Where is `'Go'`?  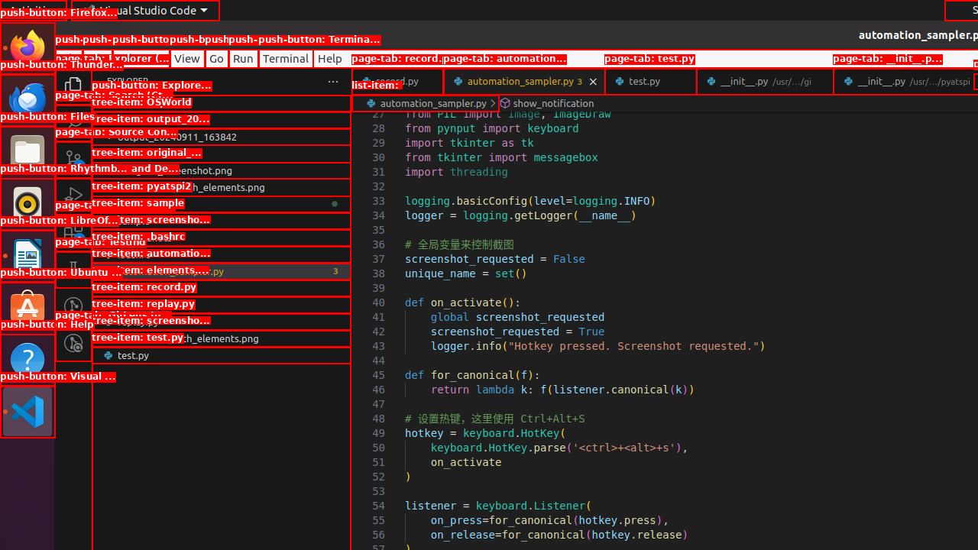
'Go' is located at coordinates (215, 57).